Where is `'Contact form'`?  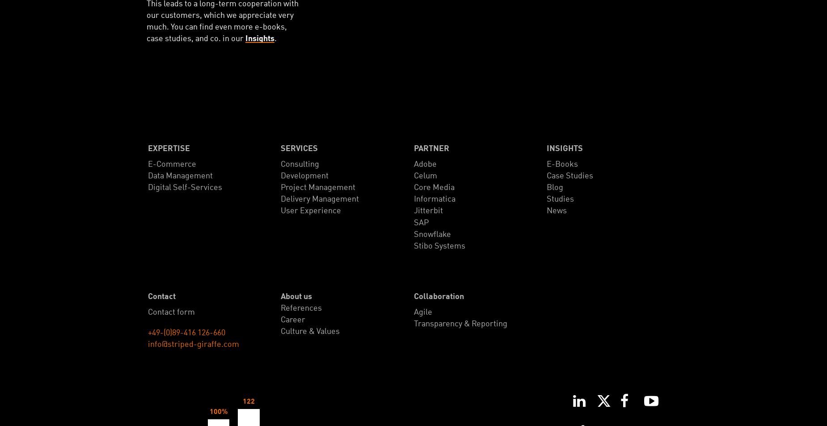
'Contact form' is located at coordinates (171, 312).